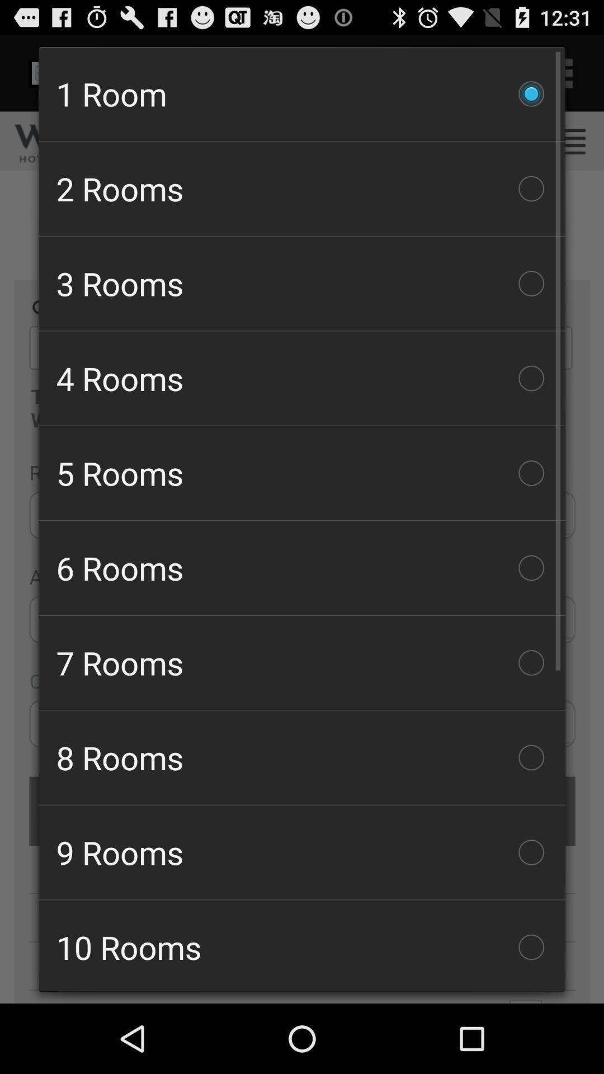 This screenshot has width=604, height=1074. Describe the element at coordinates (302, 851) in the screenshot. I see `item below the 8 rooms icon` at that location.